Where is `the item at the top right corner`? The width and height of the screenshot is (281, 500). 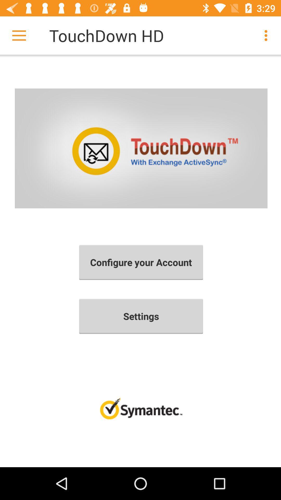 the item at the top right corner is located at coordinates (267, 35).